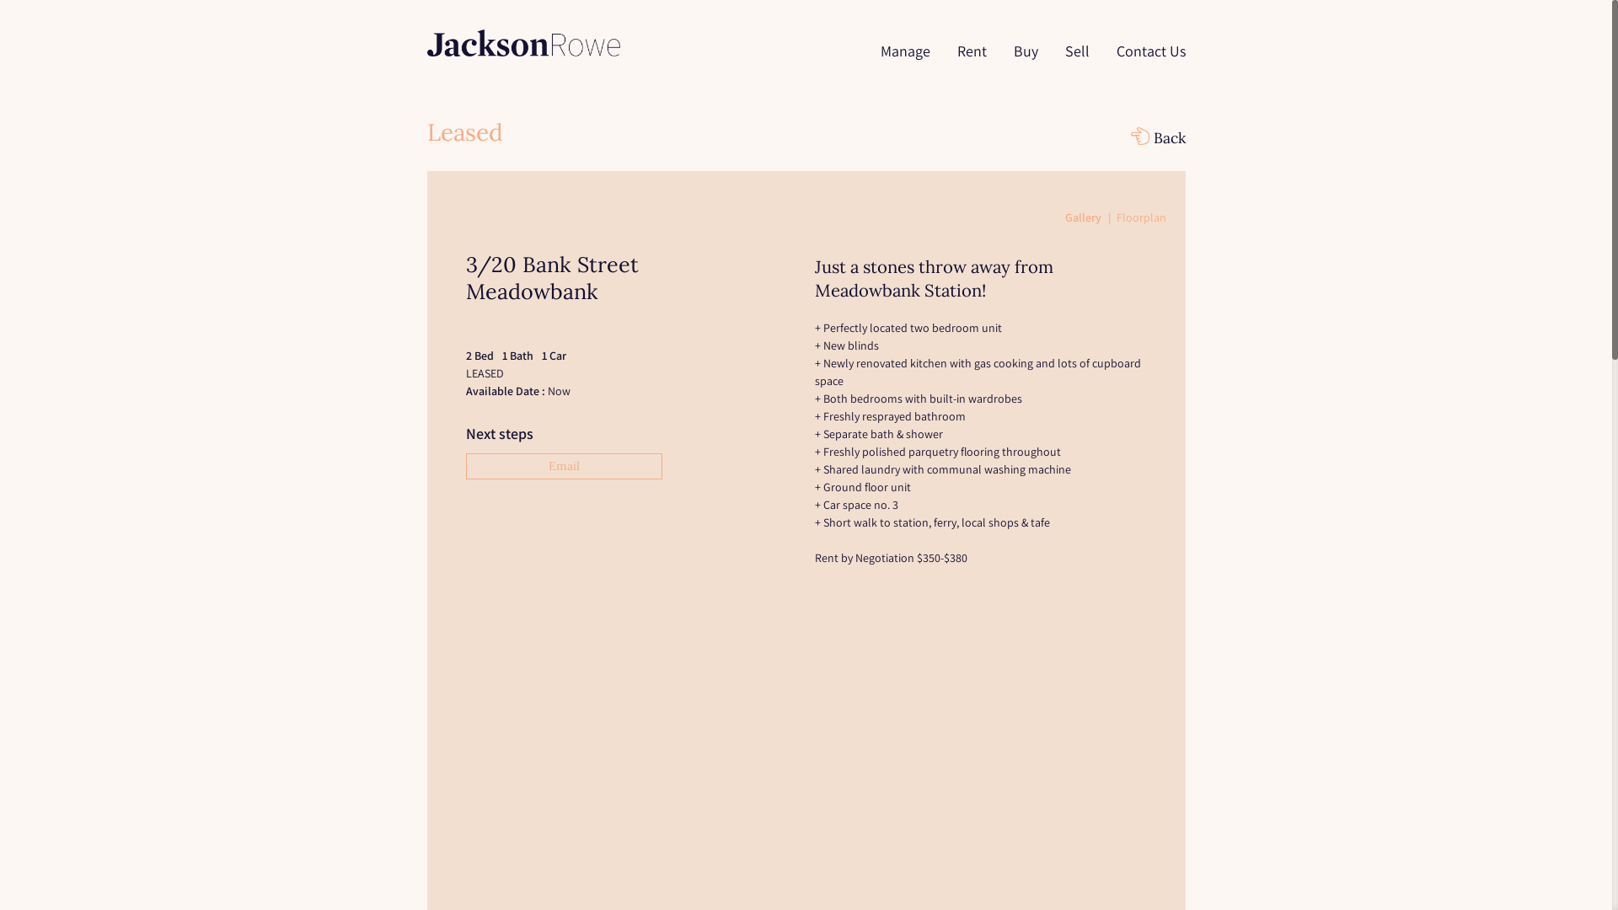 This screenshot has width=1618, height=910. What do you see at coordinates (522, 41) in the screenshot?
I see `'Jackson Rowe - '` at bounding box center [522, 41].